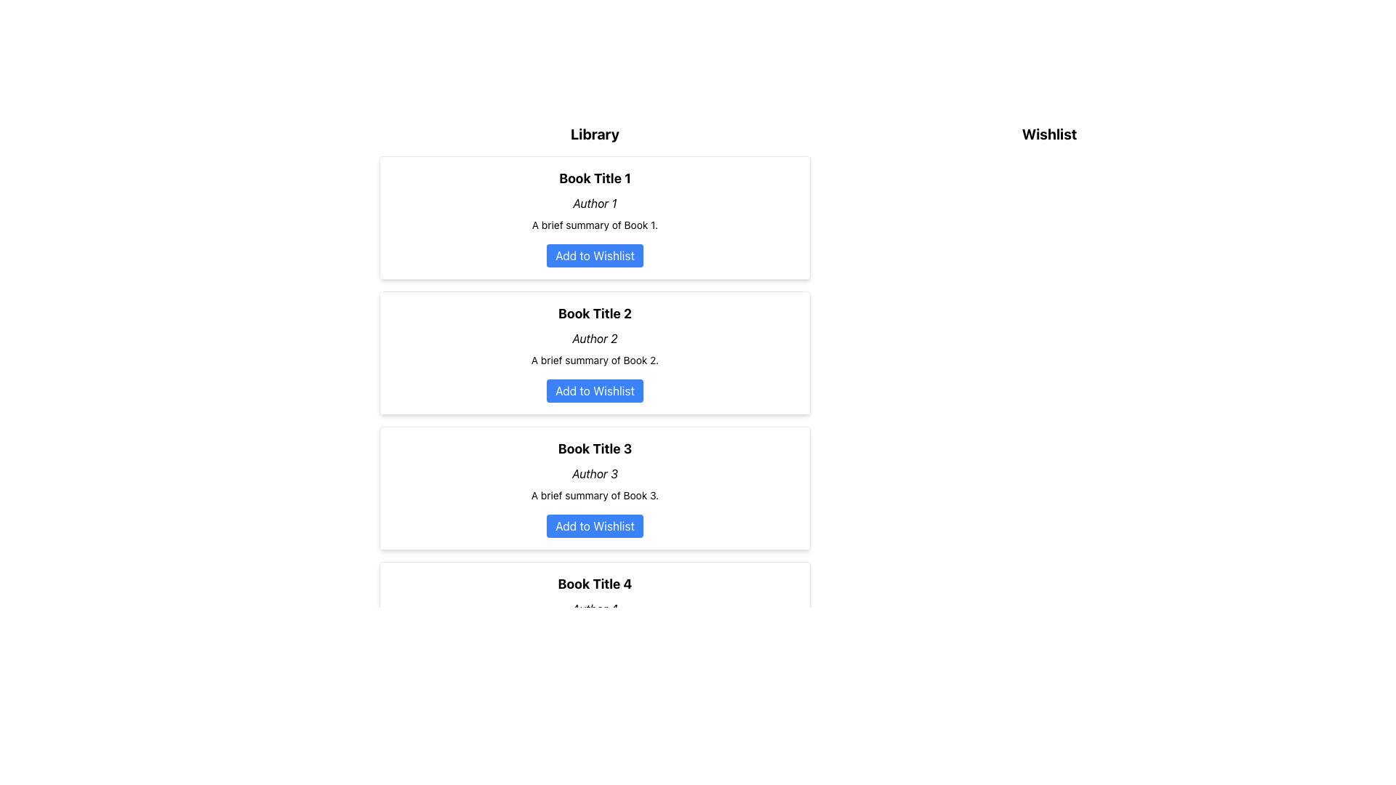  I want to click on the button located at the bottom of the card titled 'Book Title 1', so click(595, 254).